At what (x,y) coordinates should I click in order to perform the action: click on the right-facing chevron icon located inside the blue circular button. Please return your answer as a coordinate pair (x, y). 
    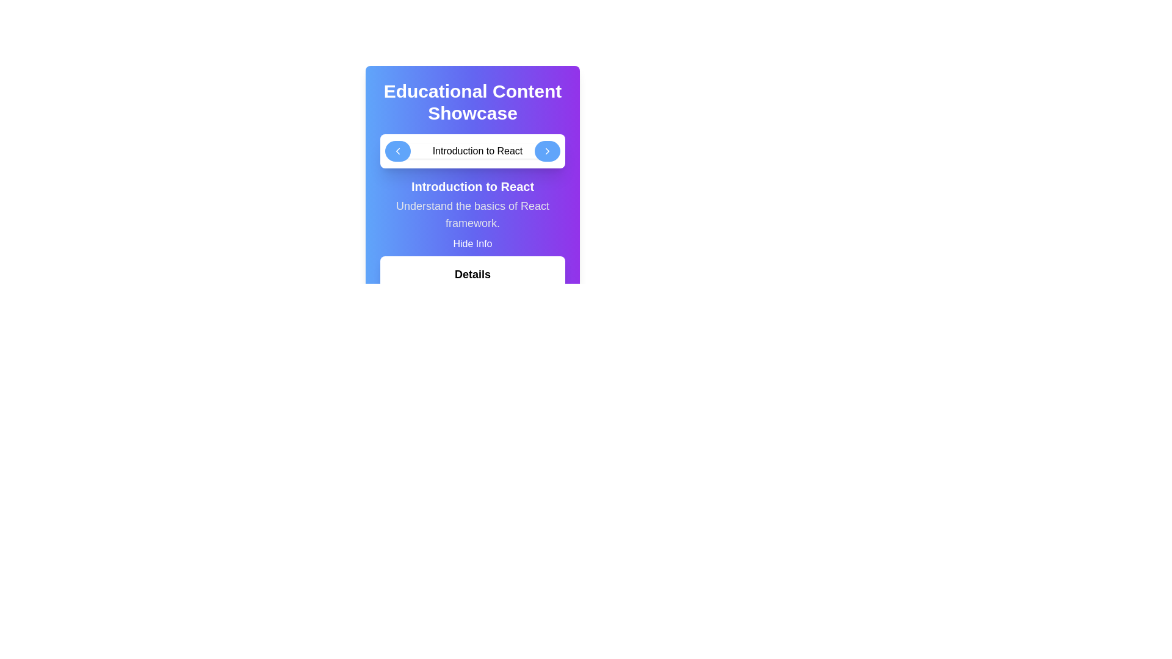
    Looking at the image, I should click on (547, 150).